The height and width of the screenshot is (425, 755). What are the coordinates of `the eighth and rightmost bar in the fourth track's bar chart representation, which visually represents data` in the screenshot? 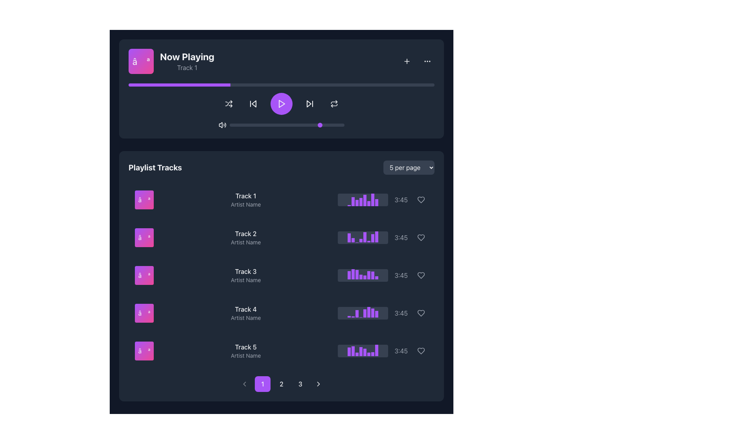 It's located at (376, 314).